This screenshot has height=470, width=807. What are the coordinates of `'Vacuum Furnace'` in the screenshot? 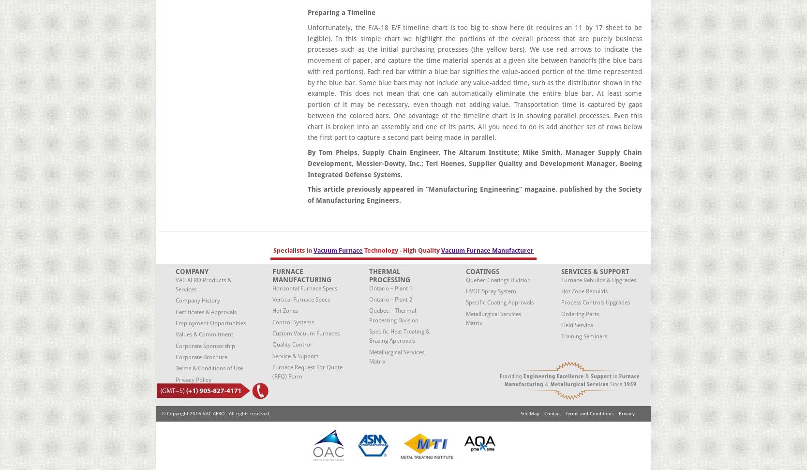 It's located at (338, 249).